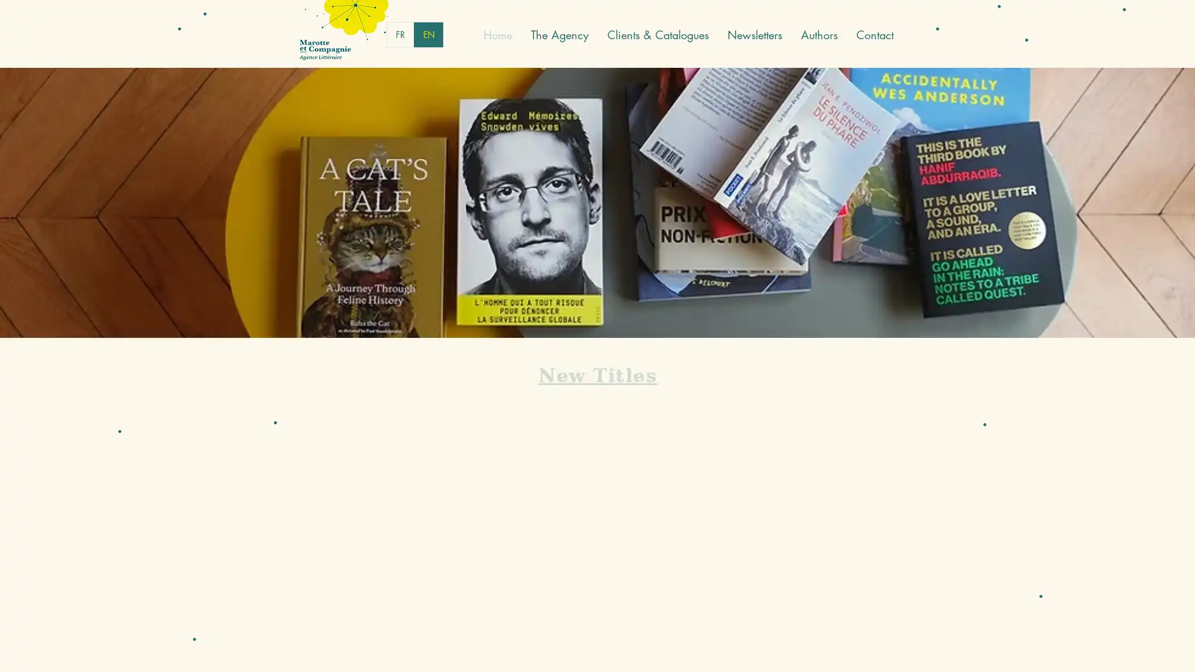  Describe the element at coordinates (444, 34) in the screenshot. I see `English` at that location.